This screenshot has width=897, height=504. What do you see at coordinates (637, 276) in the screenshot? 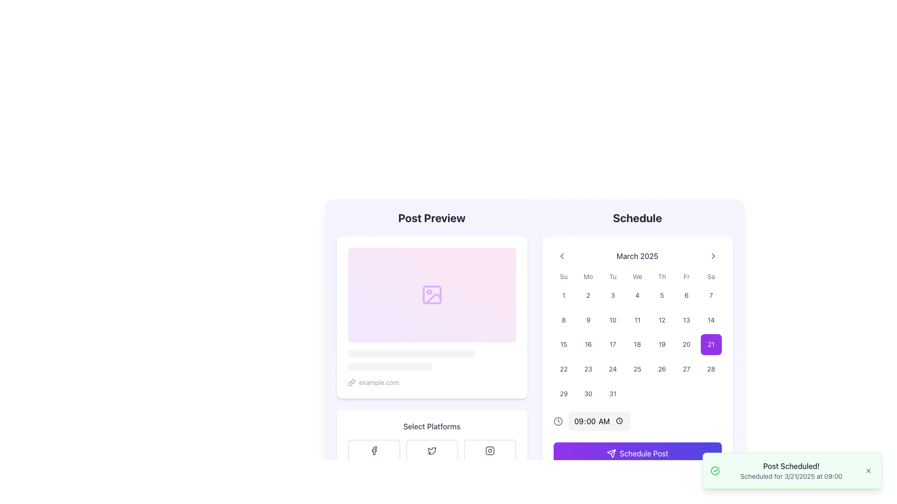
I see `the text label 'We' in the fourth column of the weekday header row above the month calendar` at bounding box center [637, 276].